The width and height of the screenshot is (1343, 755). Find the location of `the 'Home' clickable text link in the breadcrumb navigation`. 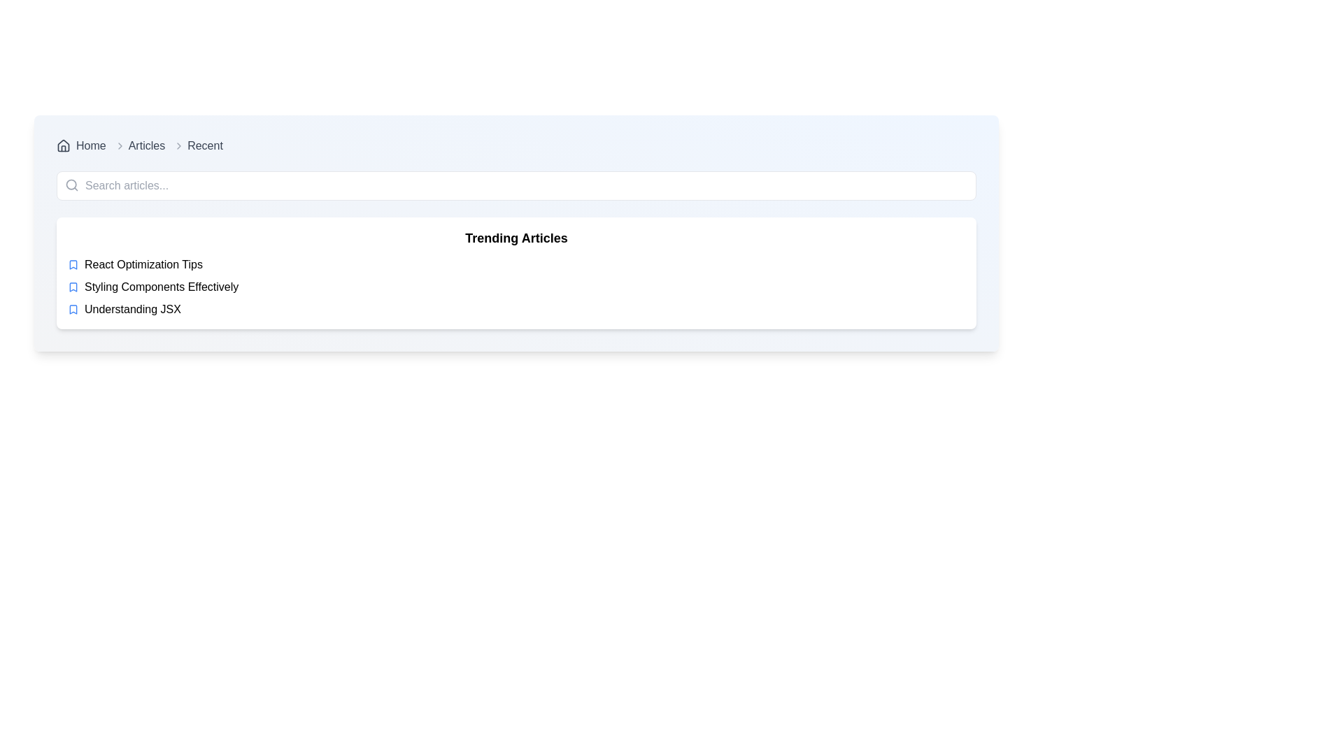

the 'Home' clickable text link in the breadcrumb navigation is located at coordinates (90, 145).